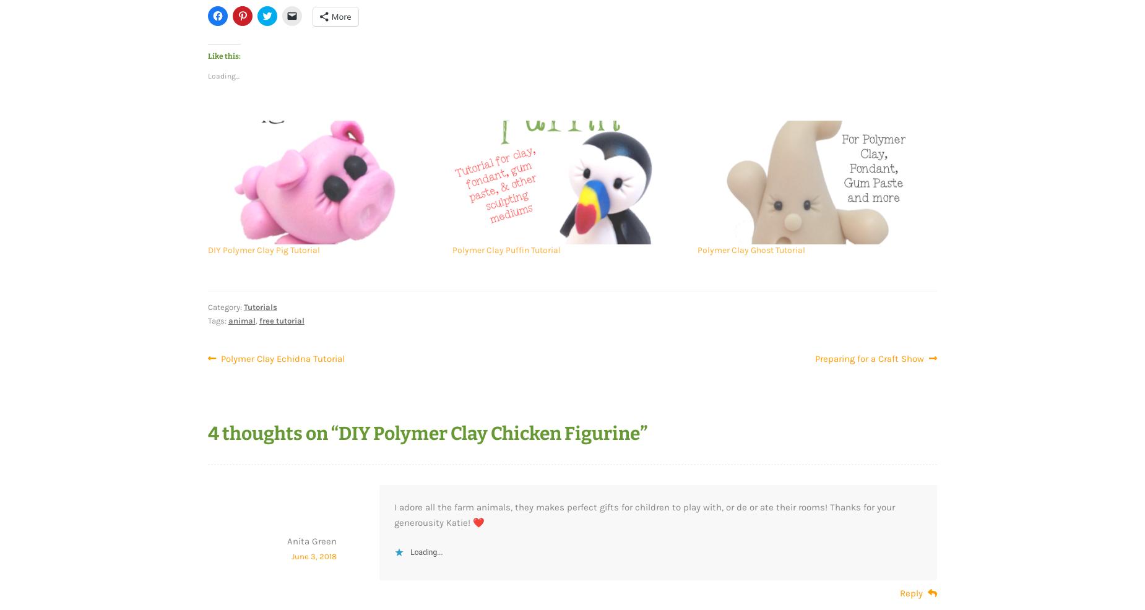 The image size is (1145, 610). What do you see at coordinates (223, 56) in the screenshot?
I see `'Like this:'` at bounding box center [223, 56].